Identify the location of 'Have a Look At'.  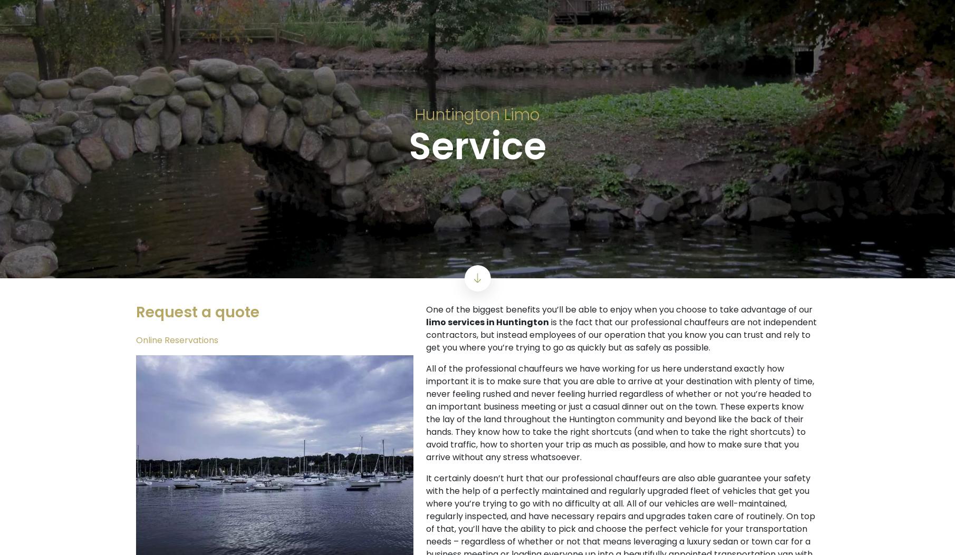
(191, 238).